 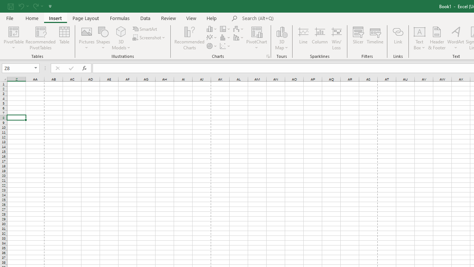 I want to click on 'Insert Waterfall, Funnel, Stock, Surface, or Radar Chart', so click(x=239, y=29).